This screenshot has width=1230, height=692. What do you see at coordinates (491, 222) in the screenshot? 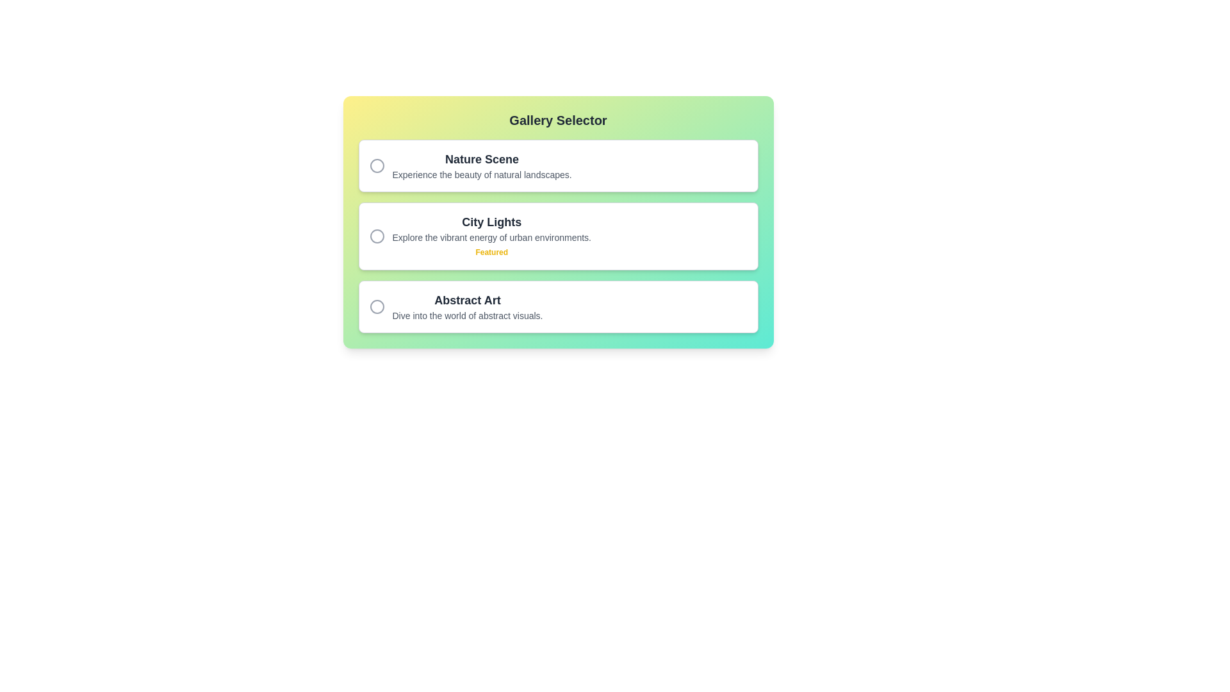
I see `the 'City Lights' text label, which serves as the title descriptor for a selectable gallery option located centrally within the second option section of a vertically aligned list` at bounding box center [491, 222].